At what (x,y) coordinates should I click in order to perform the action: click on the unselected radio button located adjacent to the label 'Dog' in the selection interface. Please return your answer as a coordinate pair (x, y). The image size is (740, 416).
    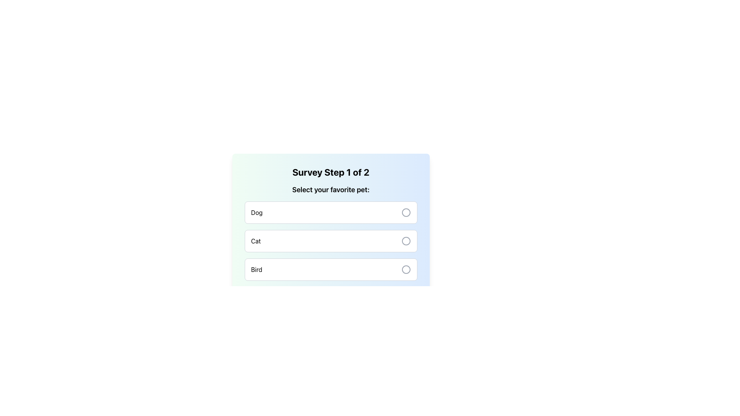
    Looking at the image, I should click on (405, 212).